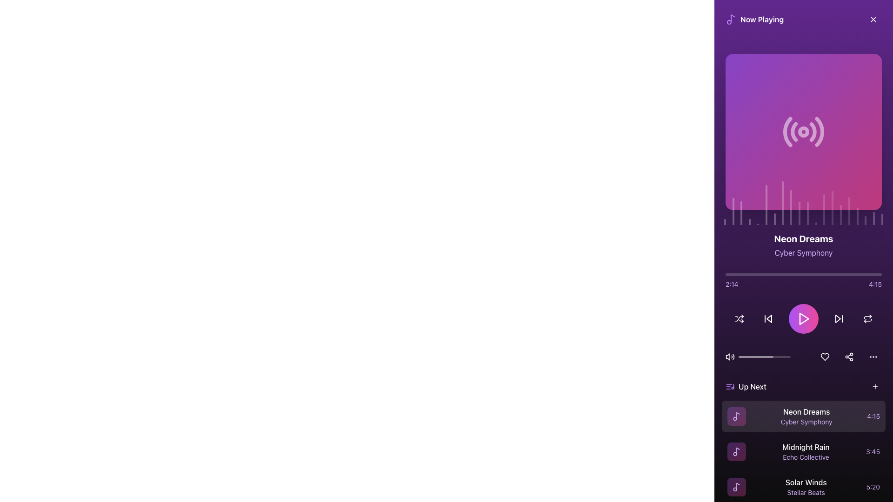  What do you see at coordinates (749, 356) in the screenshot?
I see `the volume slider` at bounding box center [749, 356].